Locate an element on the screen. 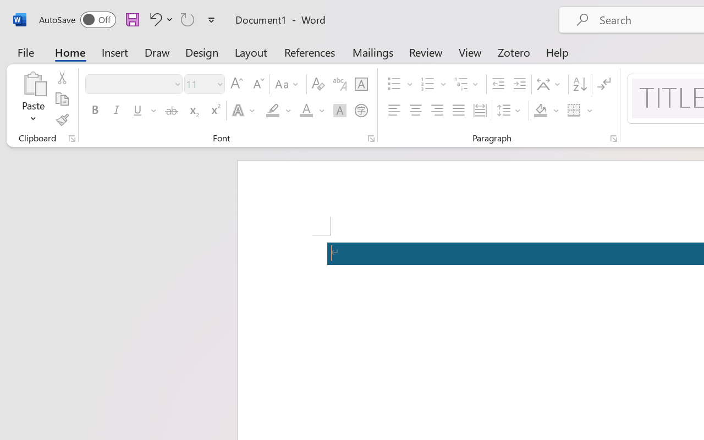 The image size is (704, 440). 'Undo Apply Quick Style Set' is located at coordinates (159, 19).